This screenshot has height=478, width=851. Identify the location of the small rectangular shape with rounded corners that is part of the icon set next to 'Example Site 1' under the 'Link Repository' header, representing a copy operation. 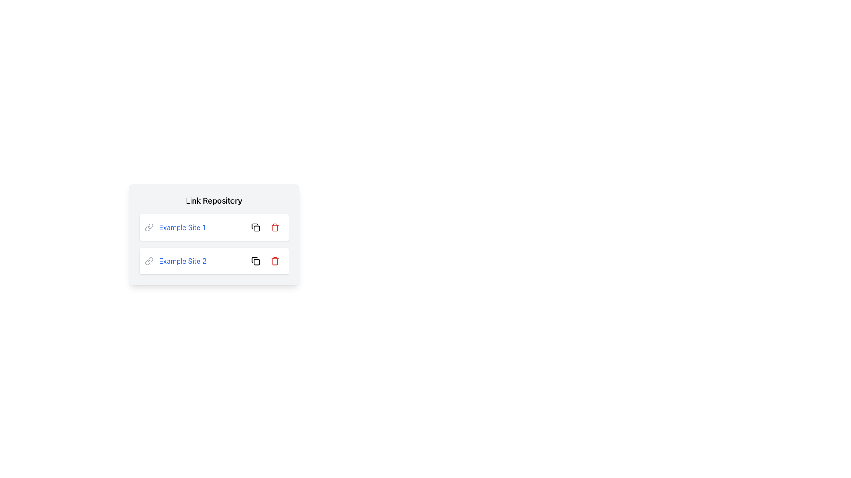
(256, 228).